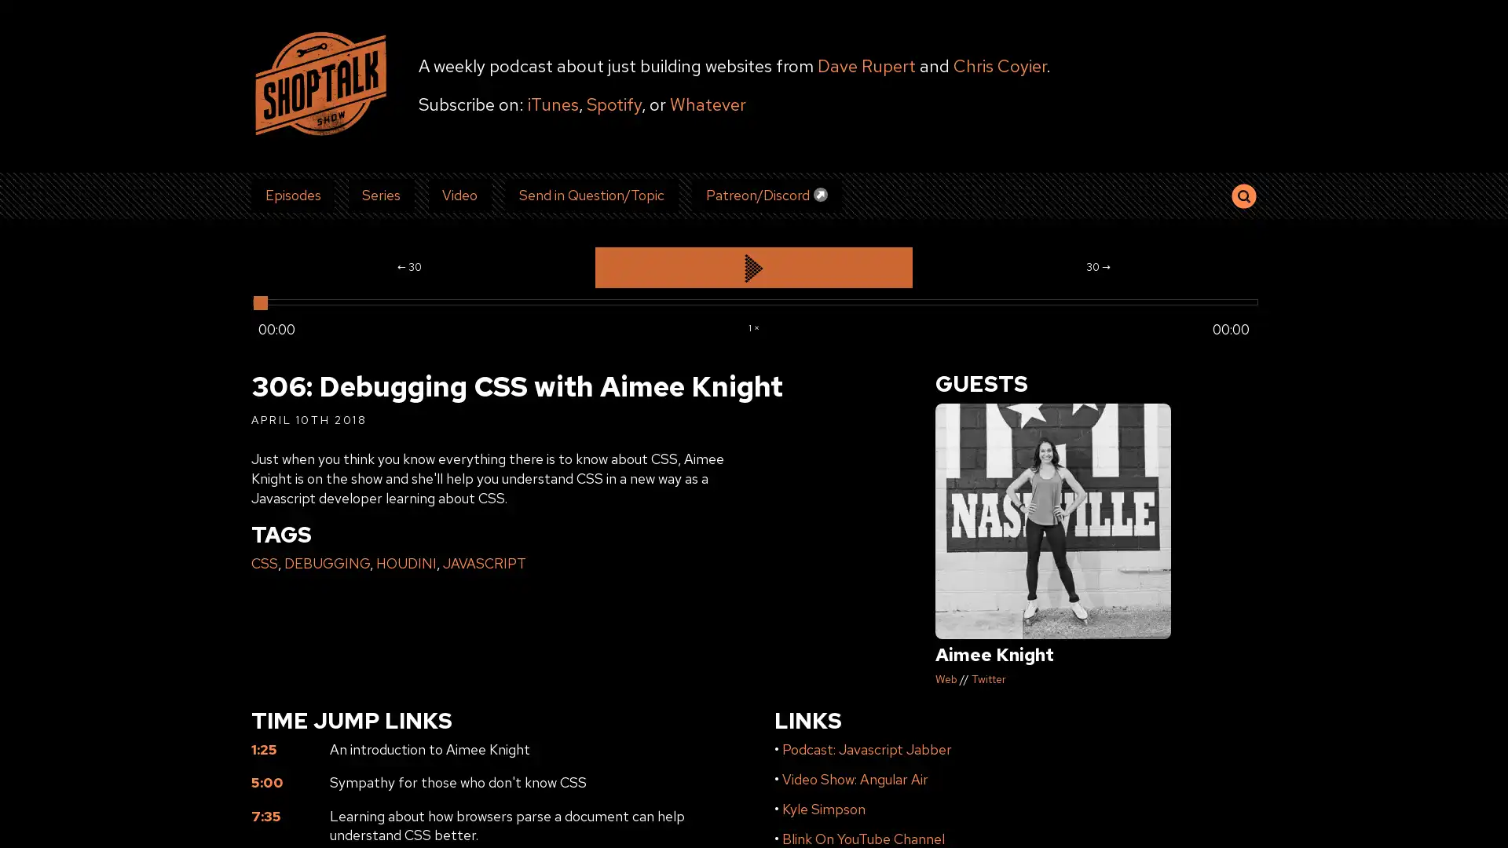 This screenshot has height=848, width=1508. Describe the element at coordinates (752, 266) in the screenshot. I see `Play` at that location.